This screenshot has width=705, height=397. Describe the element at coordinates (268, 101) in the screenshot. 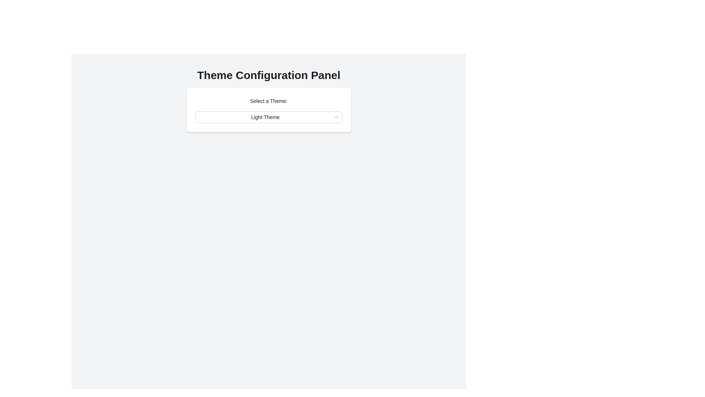

I see `the static text label saying 'Select a Theme:' that is centrally located within a white card-like structure above the dropdown menu labeled 'Light Theme'` at that location.